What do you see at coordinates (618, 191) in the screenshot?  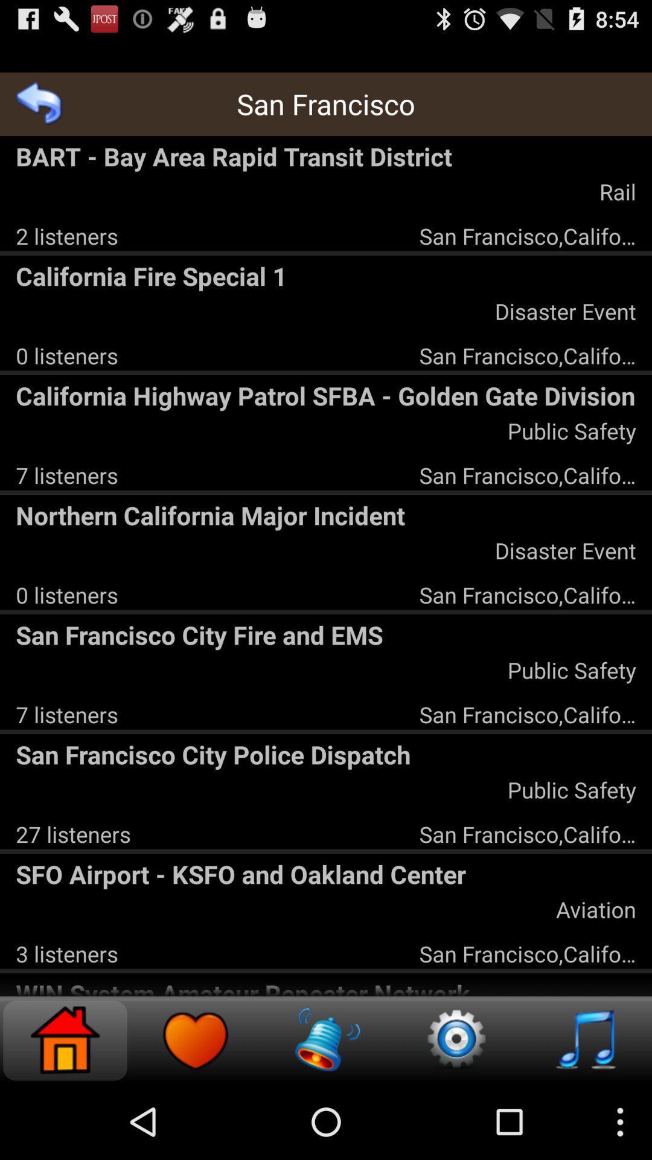 I see `the rail icon` at bounding box center [618, 191].